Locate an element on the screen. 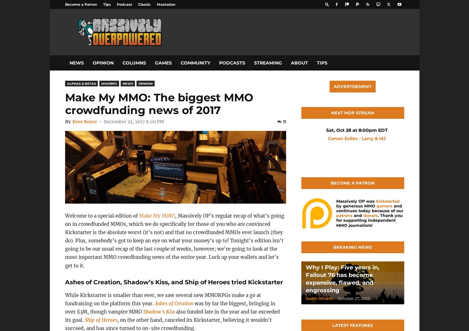 The image size is (469, 331). 'also funded late in the year and far exceeded its goal.' is located at coordinates (172, 315).